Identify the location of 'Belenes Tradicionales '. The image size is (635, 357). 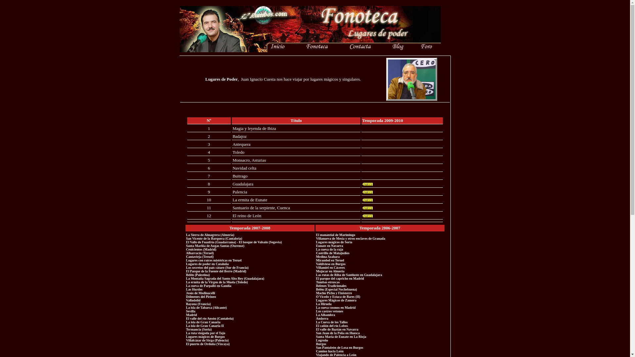
(316, 285).